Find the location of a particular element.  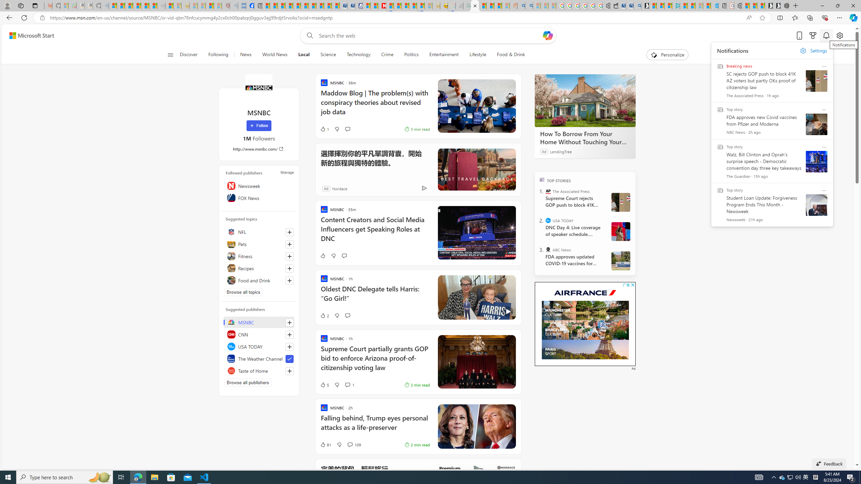

'AutomationID: cbb' is located at coordinates (632, 284).